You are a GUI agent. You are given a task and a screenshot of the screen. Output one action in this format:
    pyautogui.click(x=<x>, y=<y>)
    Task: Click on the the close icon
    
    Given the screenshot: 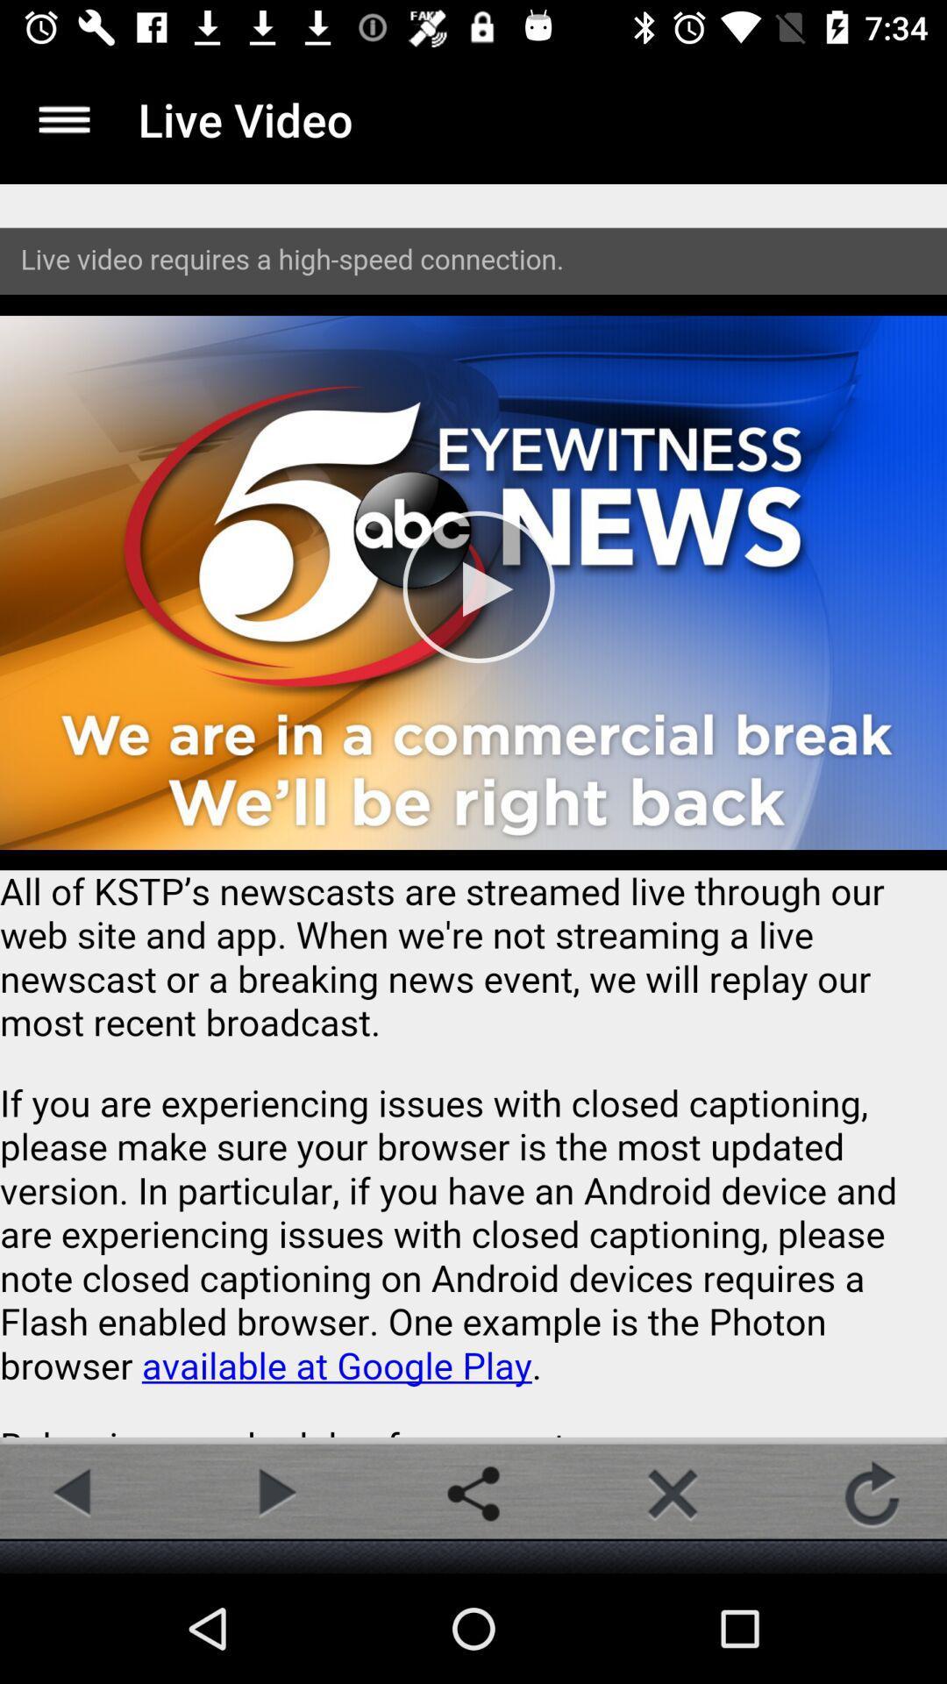 What is the action you would take?
    pyautogui.click(x=672, y=1493)
    